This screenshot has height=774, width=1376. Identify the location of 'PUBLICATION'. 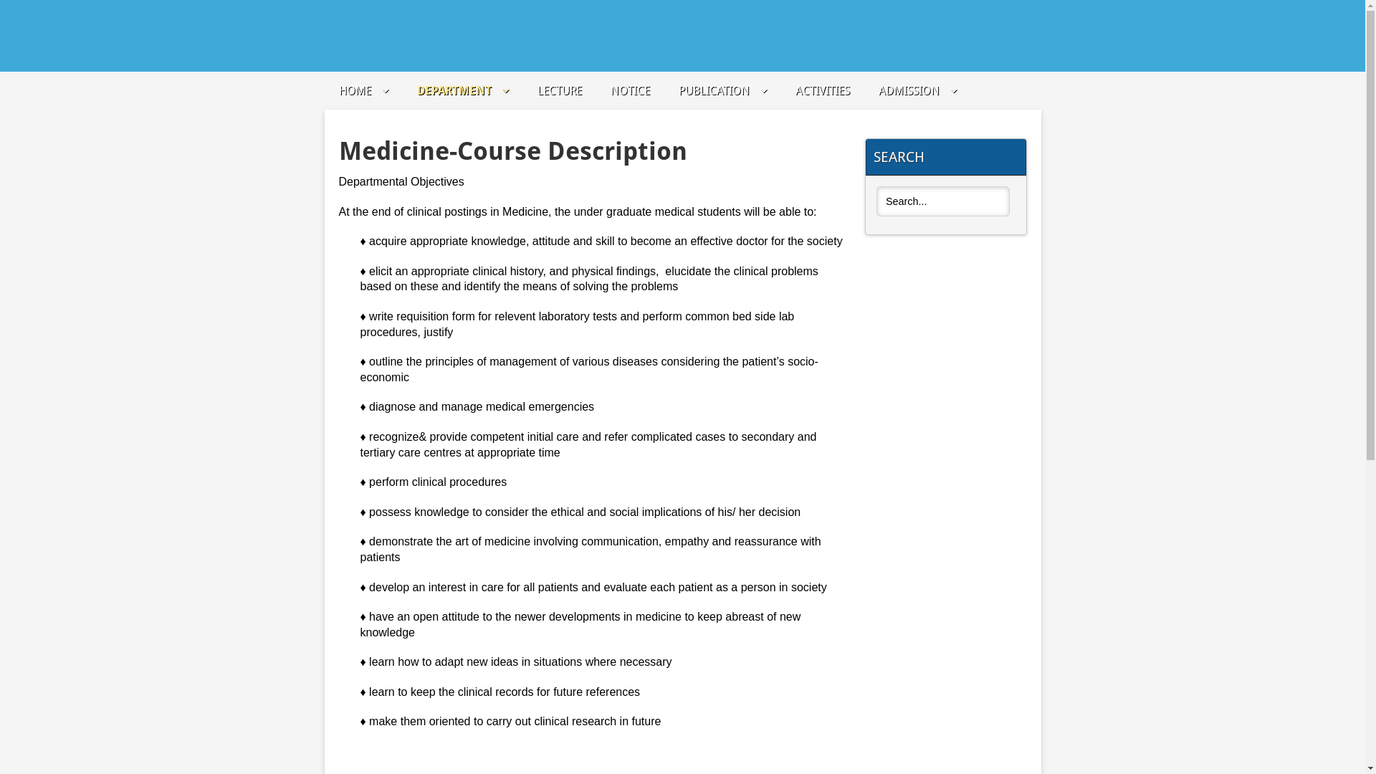
(722, 90).